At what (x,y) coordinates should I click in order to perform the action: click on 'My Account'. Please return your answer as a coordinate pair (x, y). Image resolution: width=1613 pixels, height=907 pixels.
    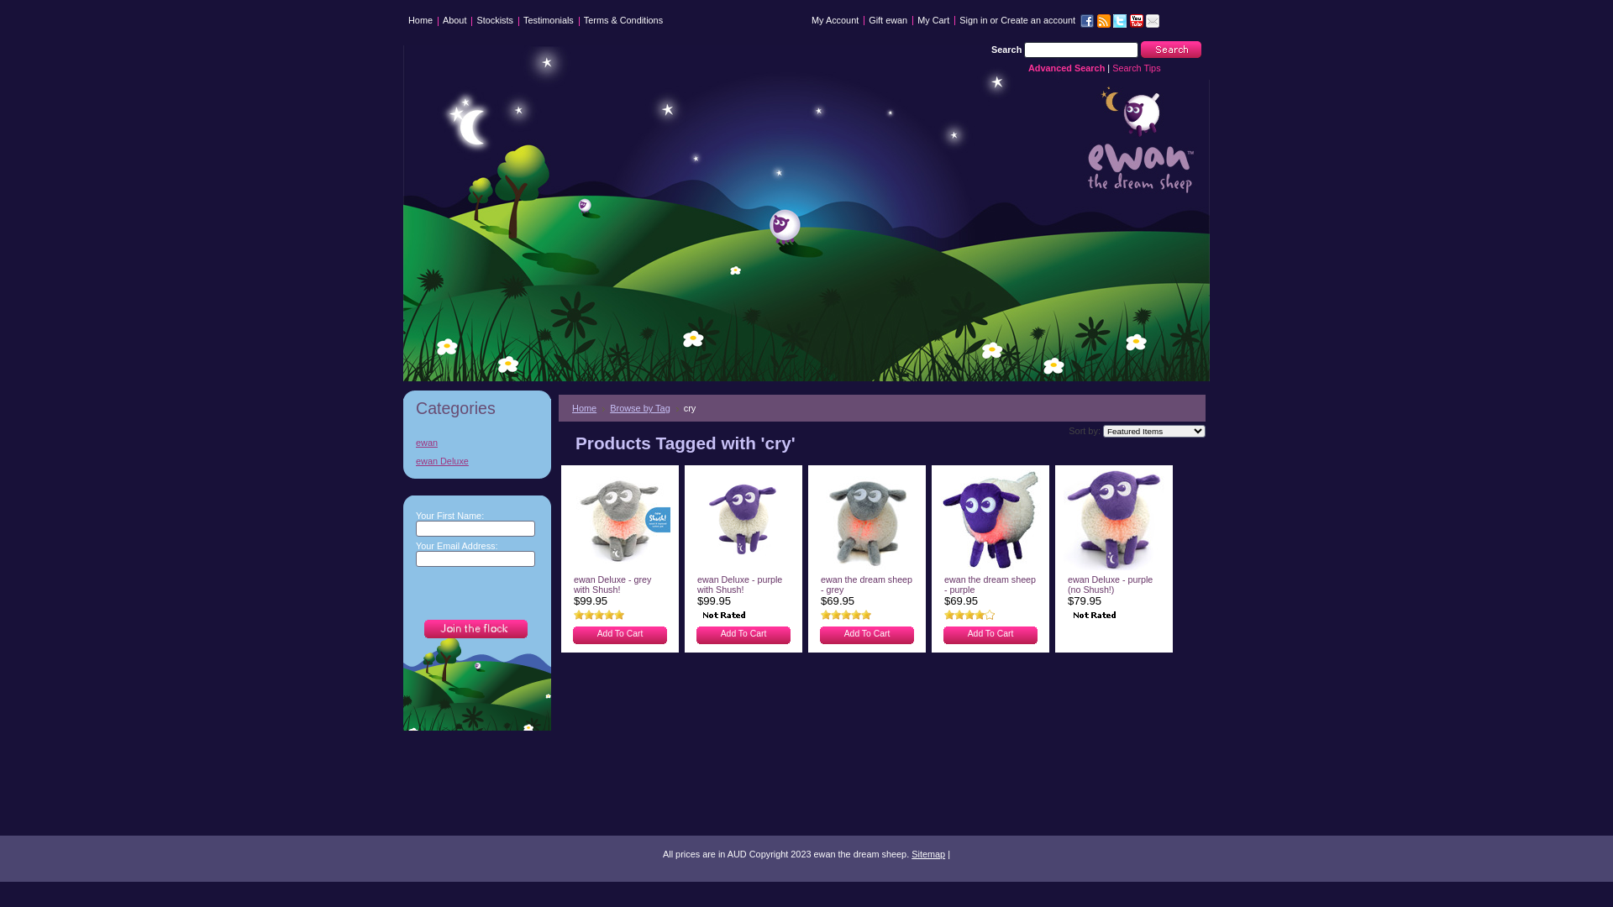
    Looking at the image, I should click on (834, 19).